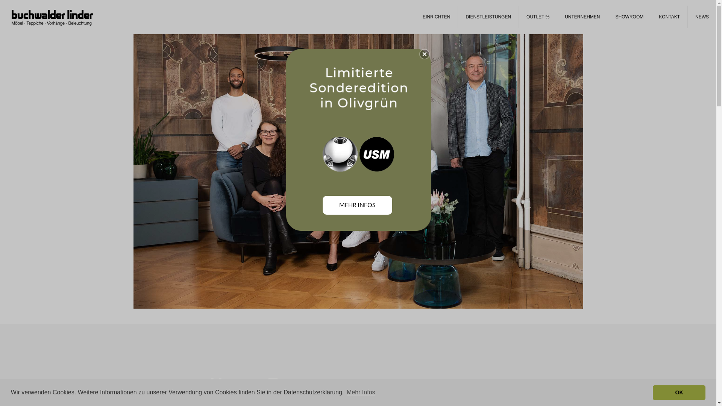 This screenshot has height=406, width=722. I want to click on 'SHOWROOM', so click(630, 17).